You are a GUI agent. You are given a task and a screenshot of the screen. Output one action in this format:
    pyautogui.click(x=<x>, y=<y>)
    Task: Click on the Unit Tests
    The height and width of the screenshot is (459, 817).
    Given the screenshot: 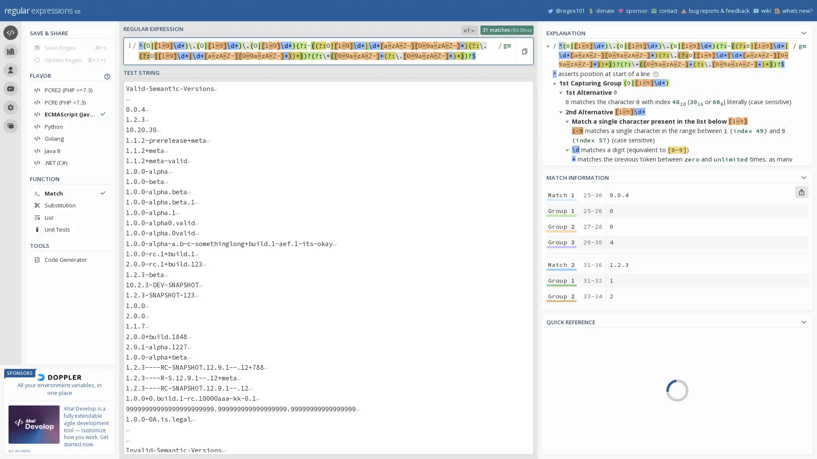 What is the action you would take?
    pyautogui.click(x=70, y=229)
    